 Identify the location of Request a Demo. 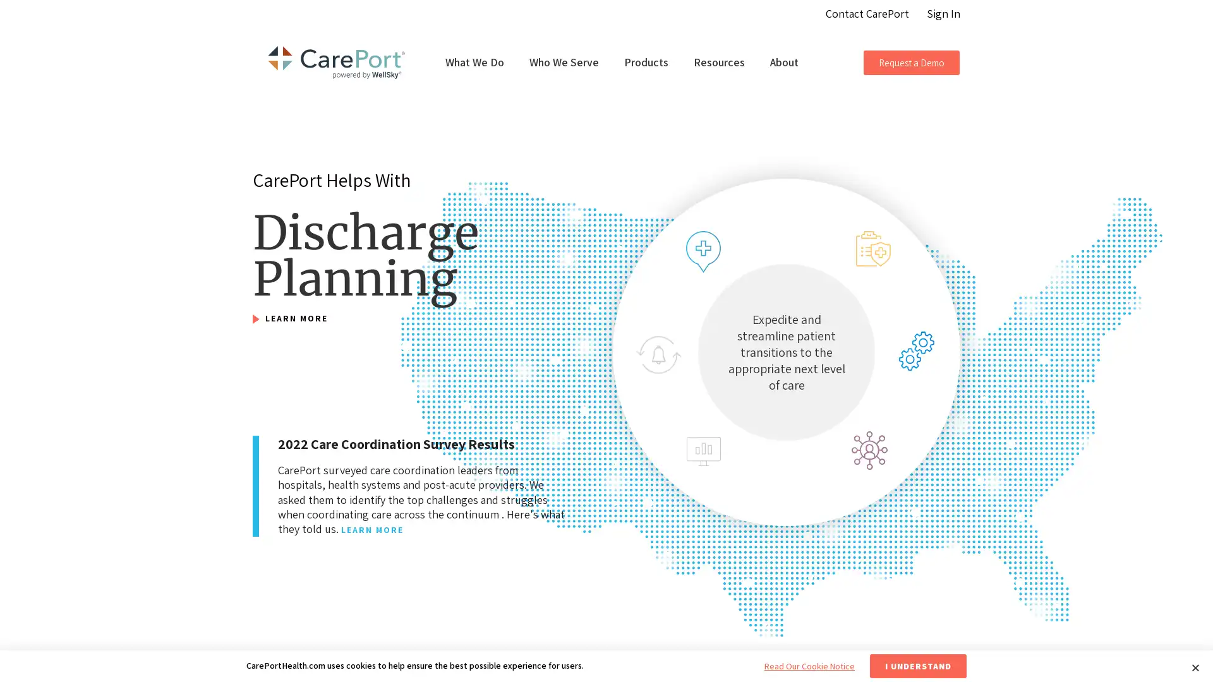
(912, 62).